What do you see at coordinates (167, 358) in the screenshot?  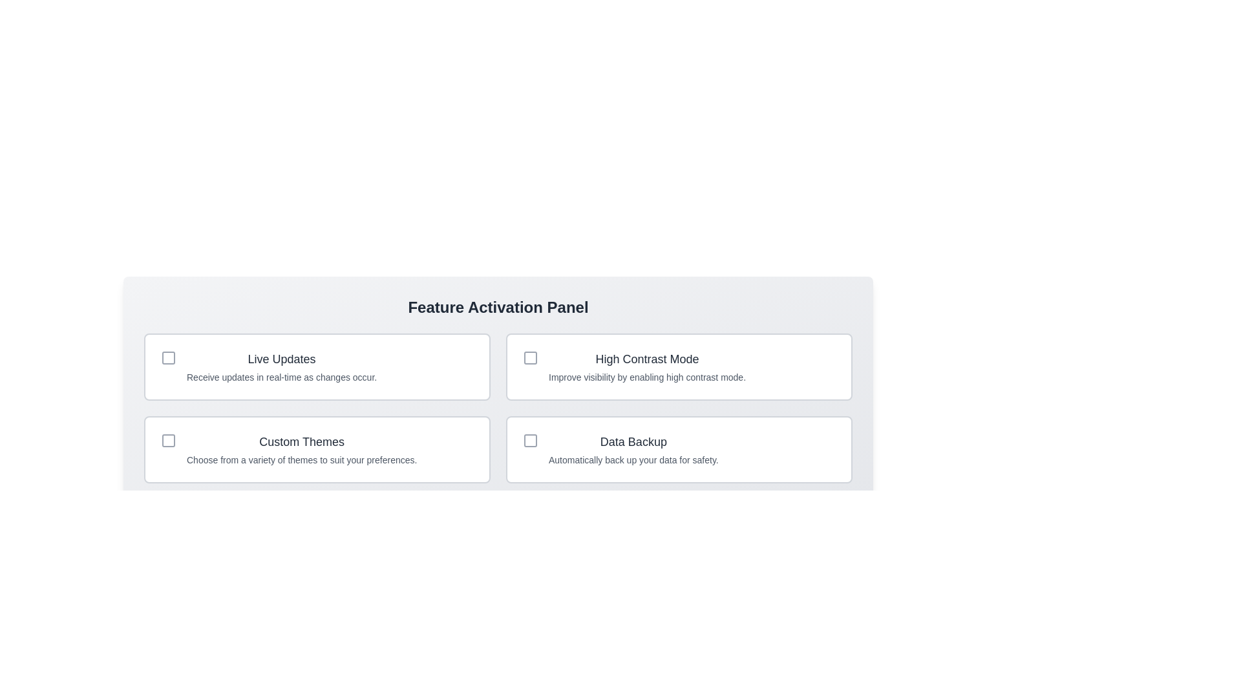 I see `the graphical selection indicator, a small square icon with rounded edges located inside the larger square bounding box near the 'Live Updates' label in the Feature Activation Panel` at bounding box center [167, 358].